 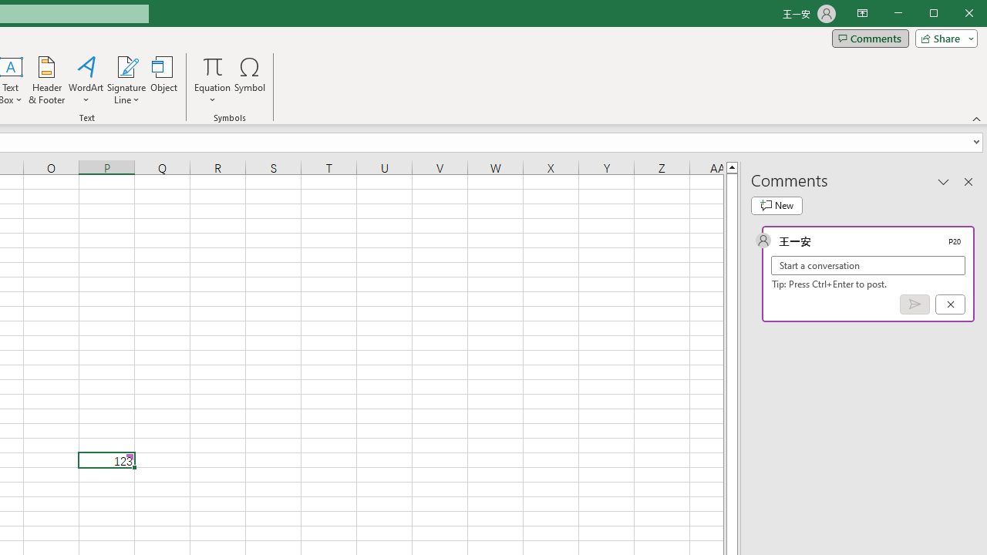 I want to click on 'Signature Line', so click(x=126, y=66).